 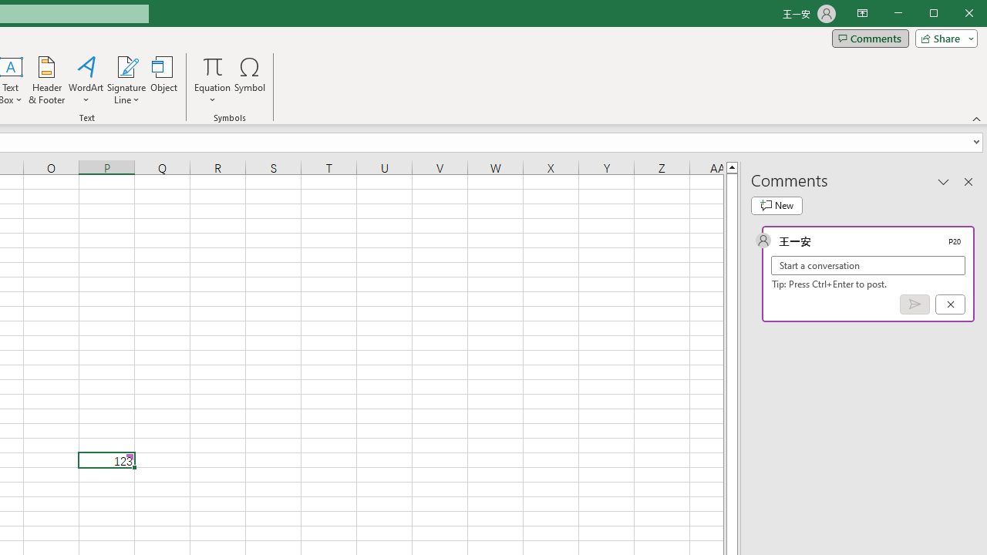 I want to click on 'Signature Line', so click(x=126, y=66).